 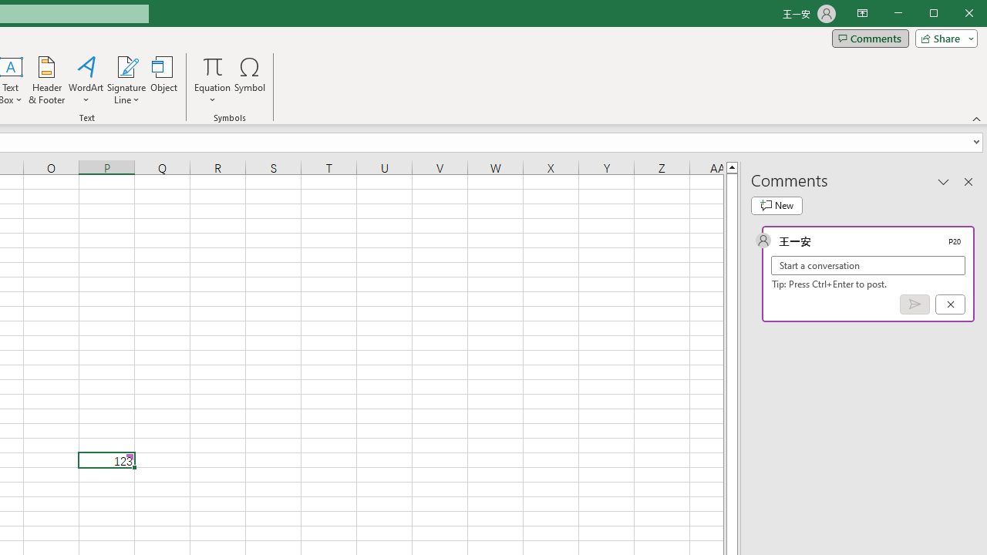 I want to click on 'Signature Line', so click(x=126, y=66).